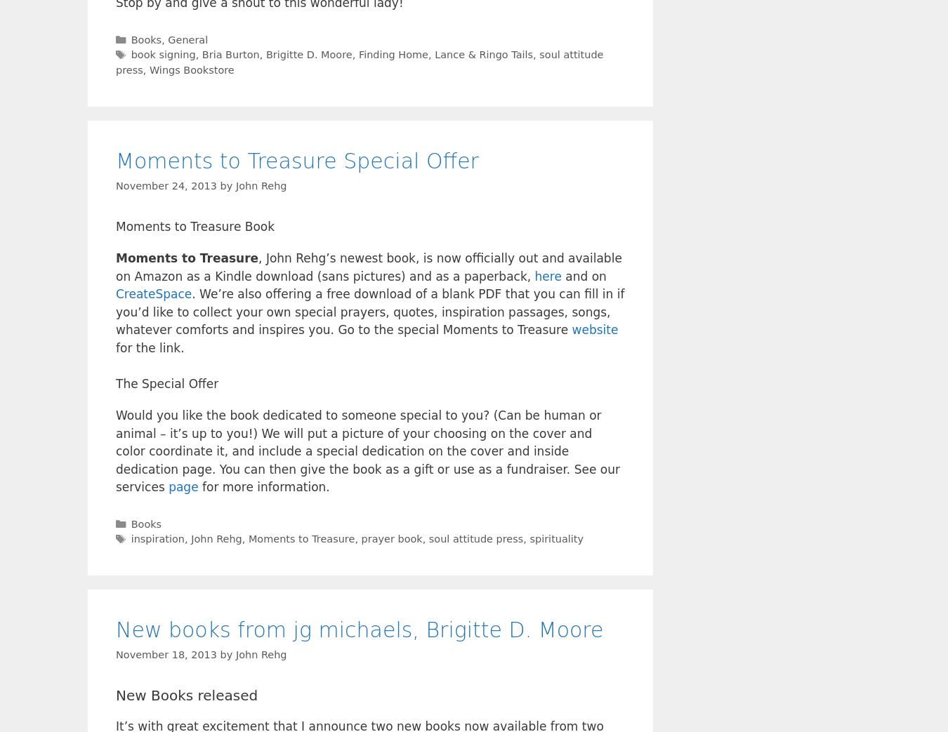  I want to click on 'New books from jg michaels, Brigitte D. Moore', so click(359, 628).